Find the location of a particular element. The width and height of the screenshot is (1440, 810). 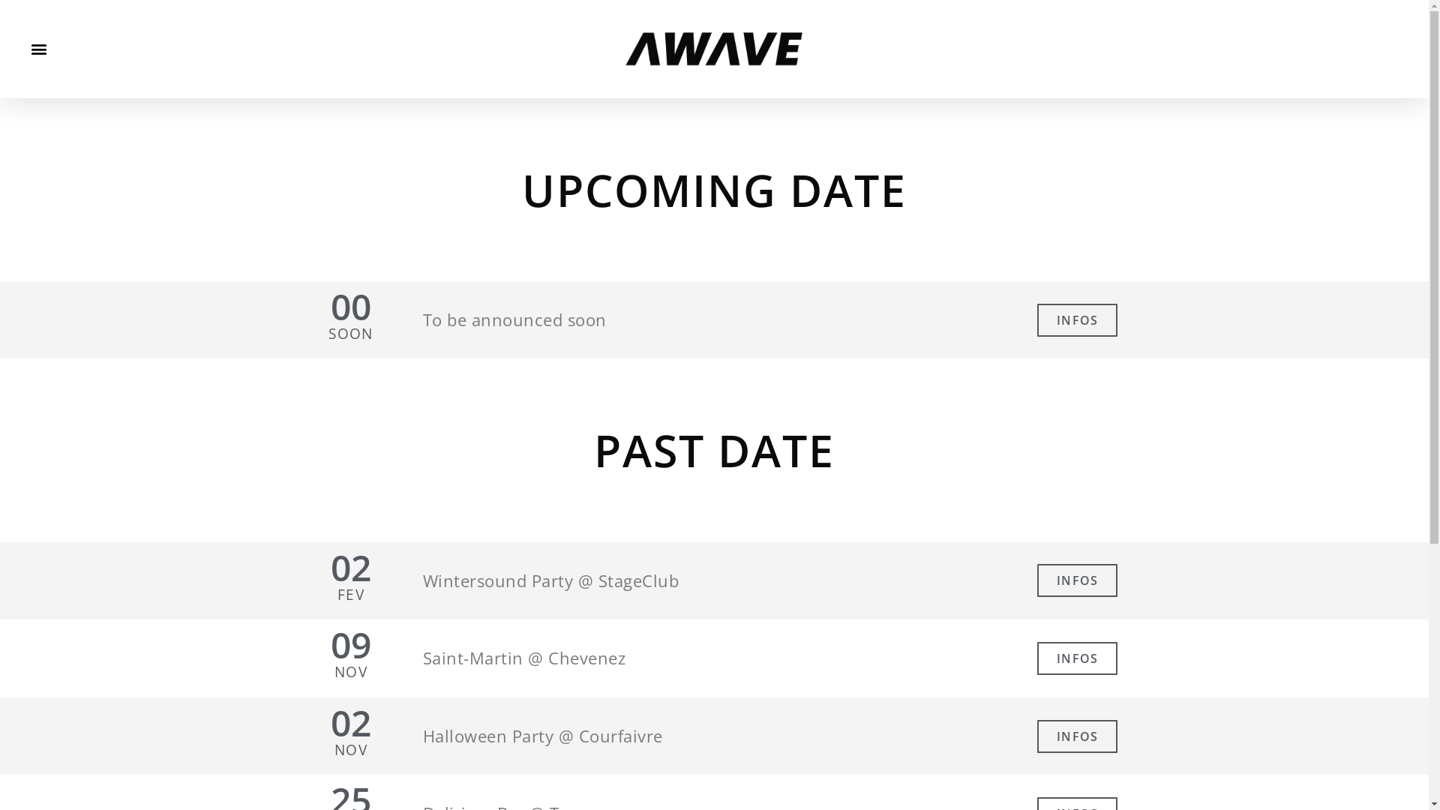

'INFOS' is located at coordinates (1076, 736).